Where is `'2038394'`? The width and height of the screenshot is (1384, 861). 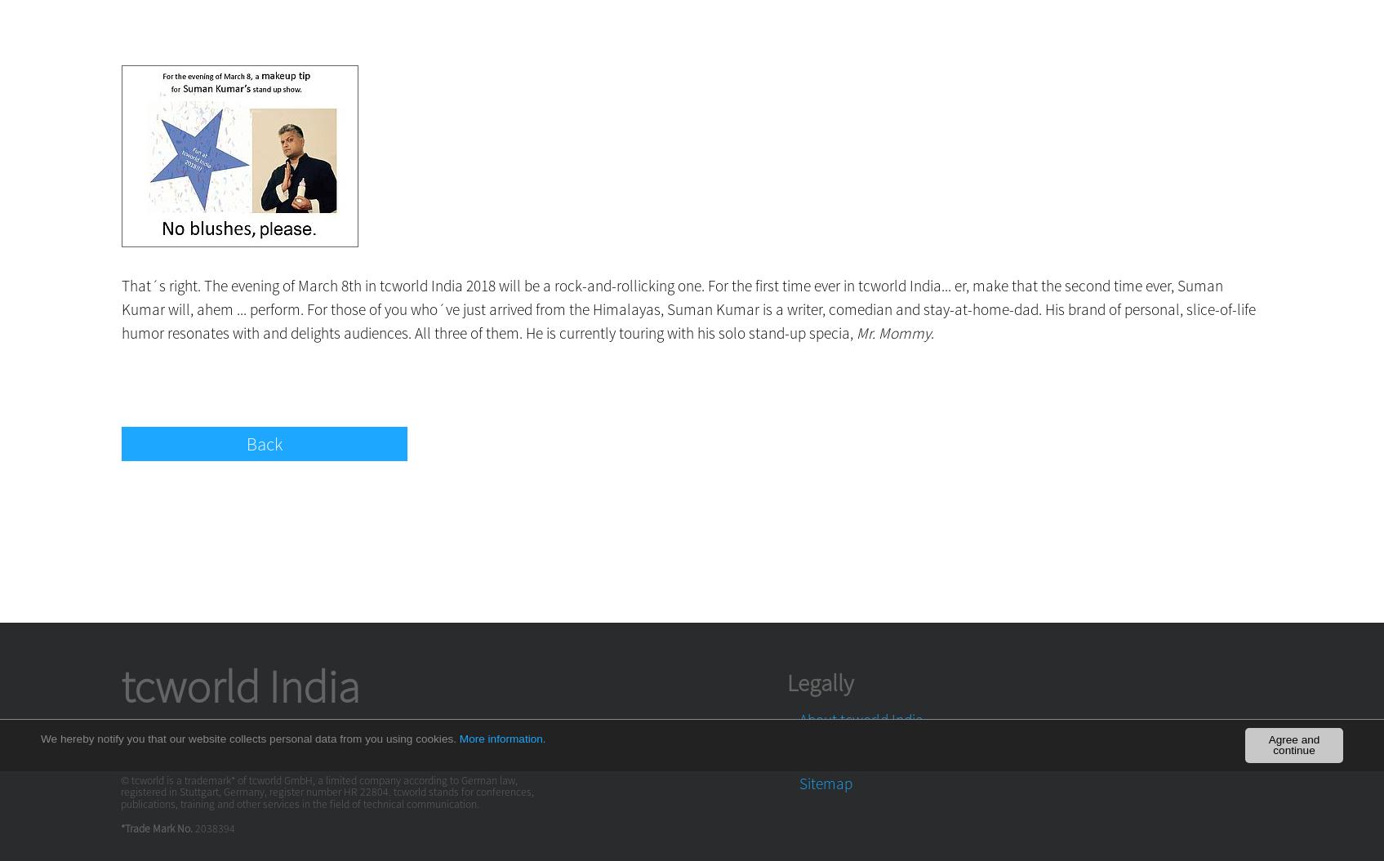 '2038394' is located at coordinates (214, 828).